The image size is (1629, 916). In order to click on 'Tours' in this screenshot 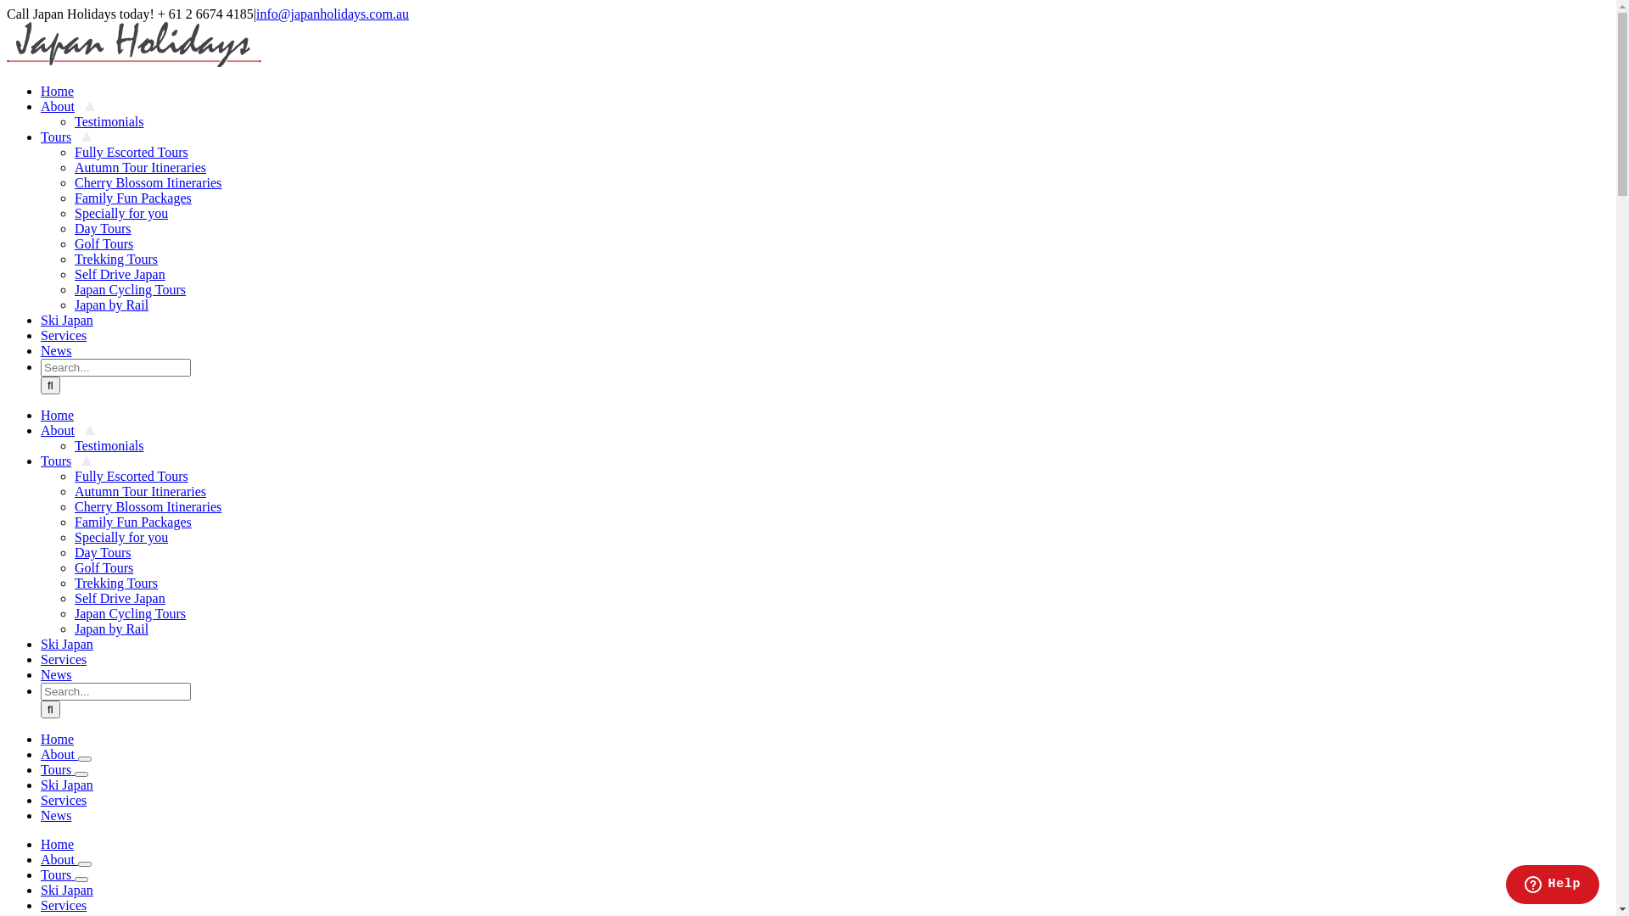, I will do `click(57, 874)`.